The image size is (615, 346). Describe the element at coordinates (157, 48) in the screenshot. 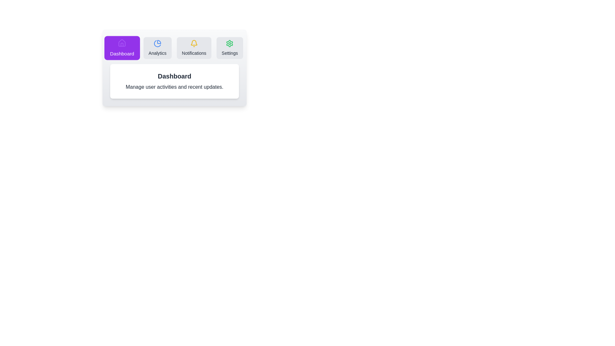

I see `the Analytics tab` at that location.